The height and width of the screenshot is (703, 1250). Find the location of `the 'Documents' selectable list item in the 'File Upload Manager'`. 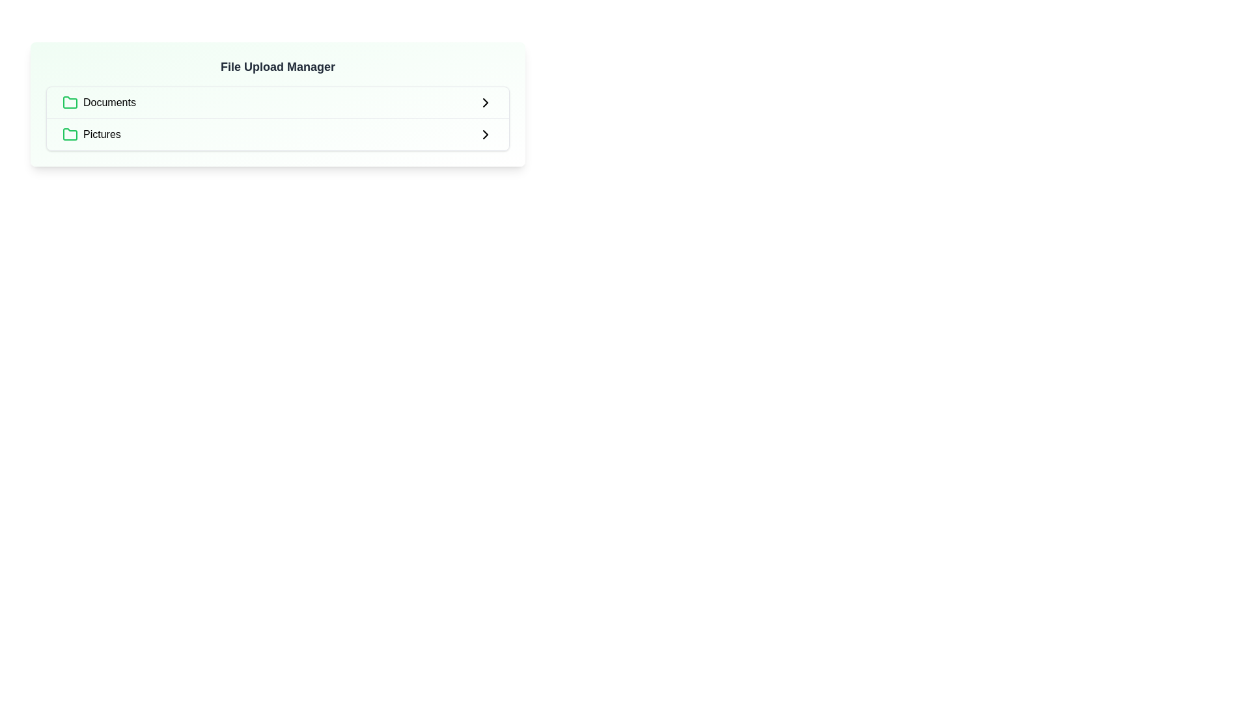

the 'Documents' selectable list item in the 'File Upload Manager' is located at coordinates (277, 102).